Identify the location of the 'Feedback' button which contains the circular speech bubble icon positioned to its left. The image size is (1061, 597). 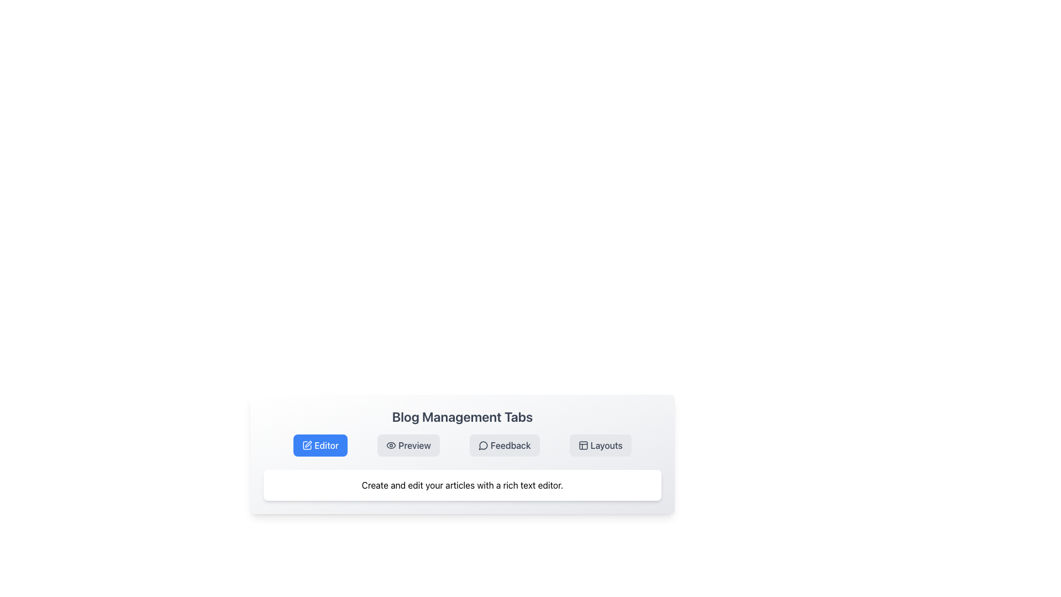
(483, 445).